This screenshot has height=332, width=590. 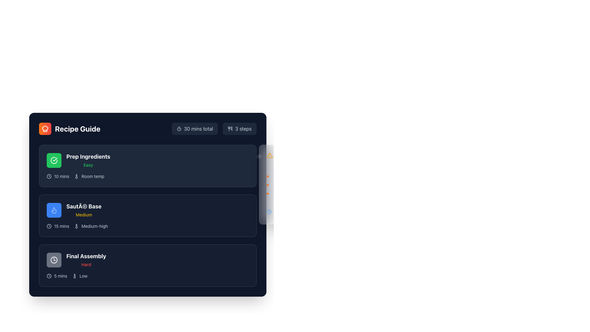 I want to click on the SVG graphic icon representing the 'Final Assembly' step in the recipe guide for interaction, so click(x=54, y=260).